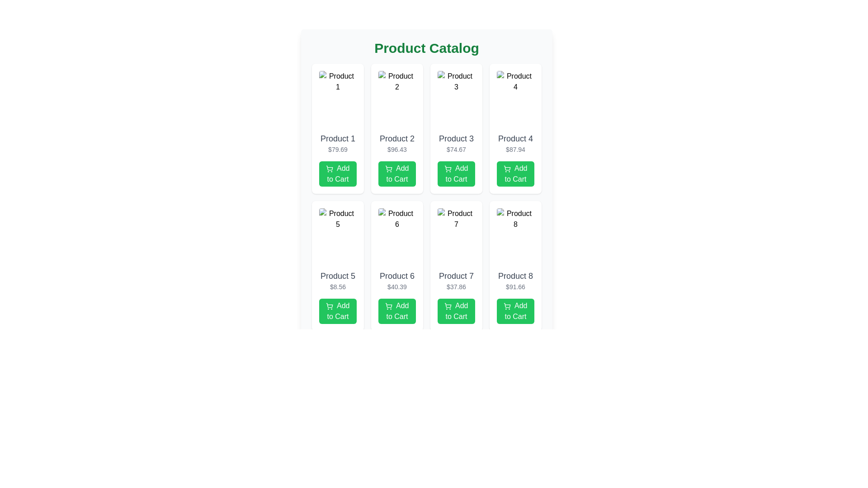  Describe the element at coordinates (456, 99) in the screenshot. I see `the image displaying a placeholder for 'Product 3' located at the top of the third product card in the grid layout` at that location.